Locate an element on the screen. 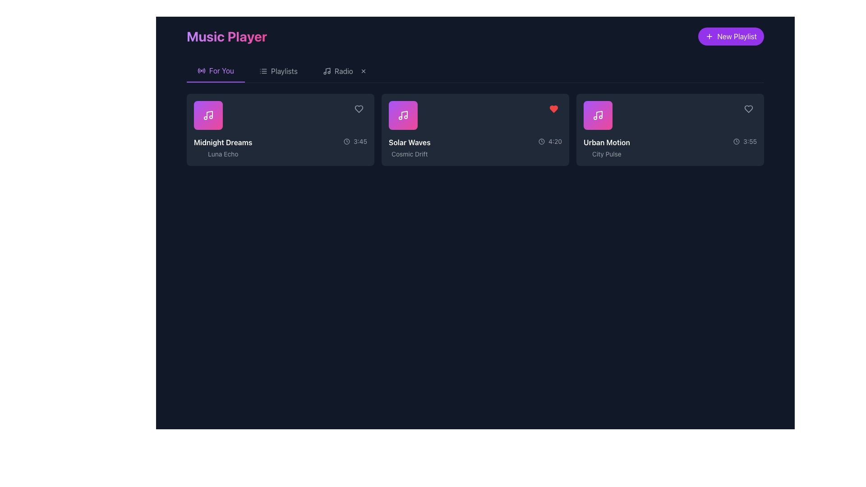 This screenshot has height=487, width=866. the text with icon combination indicating the duration of the track in the bottom-right corner of the 'Urban Motion' card, adjacent to the subtitle 'City Pulse' is located at coordinates (745, 141).